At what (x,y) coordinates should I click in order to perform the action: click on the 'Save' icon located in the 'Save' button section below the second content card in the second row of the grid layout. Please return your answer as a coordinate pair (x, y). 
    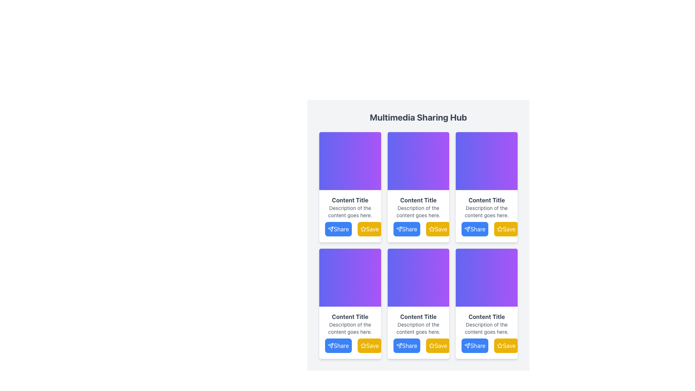
    Looking at the image, I should click on (363, 345).